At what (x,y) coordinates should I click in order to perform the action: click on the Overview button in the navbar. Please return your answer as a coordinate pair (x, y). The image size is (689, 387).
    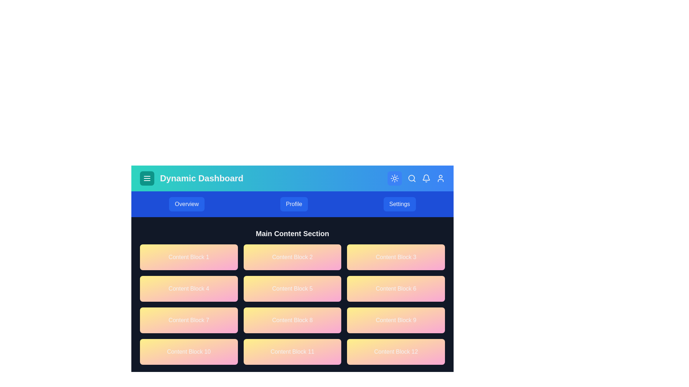
    Looking at the image, I should click on (187, 204).